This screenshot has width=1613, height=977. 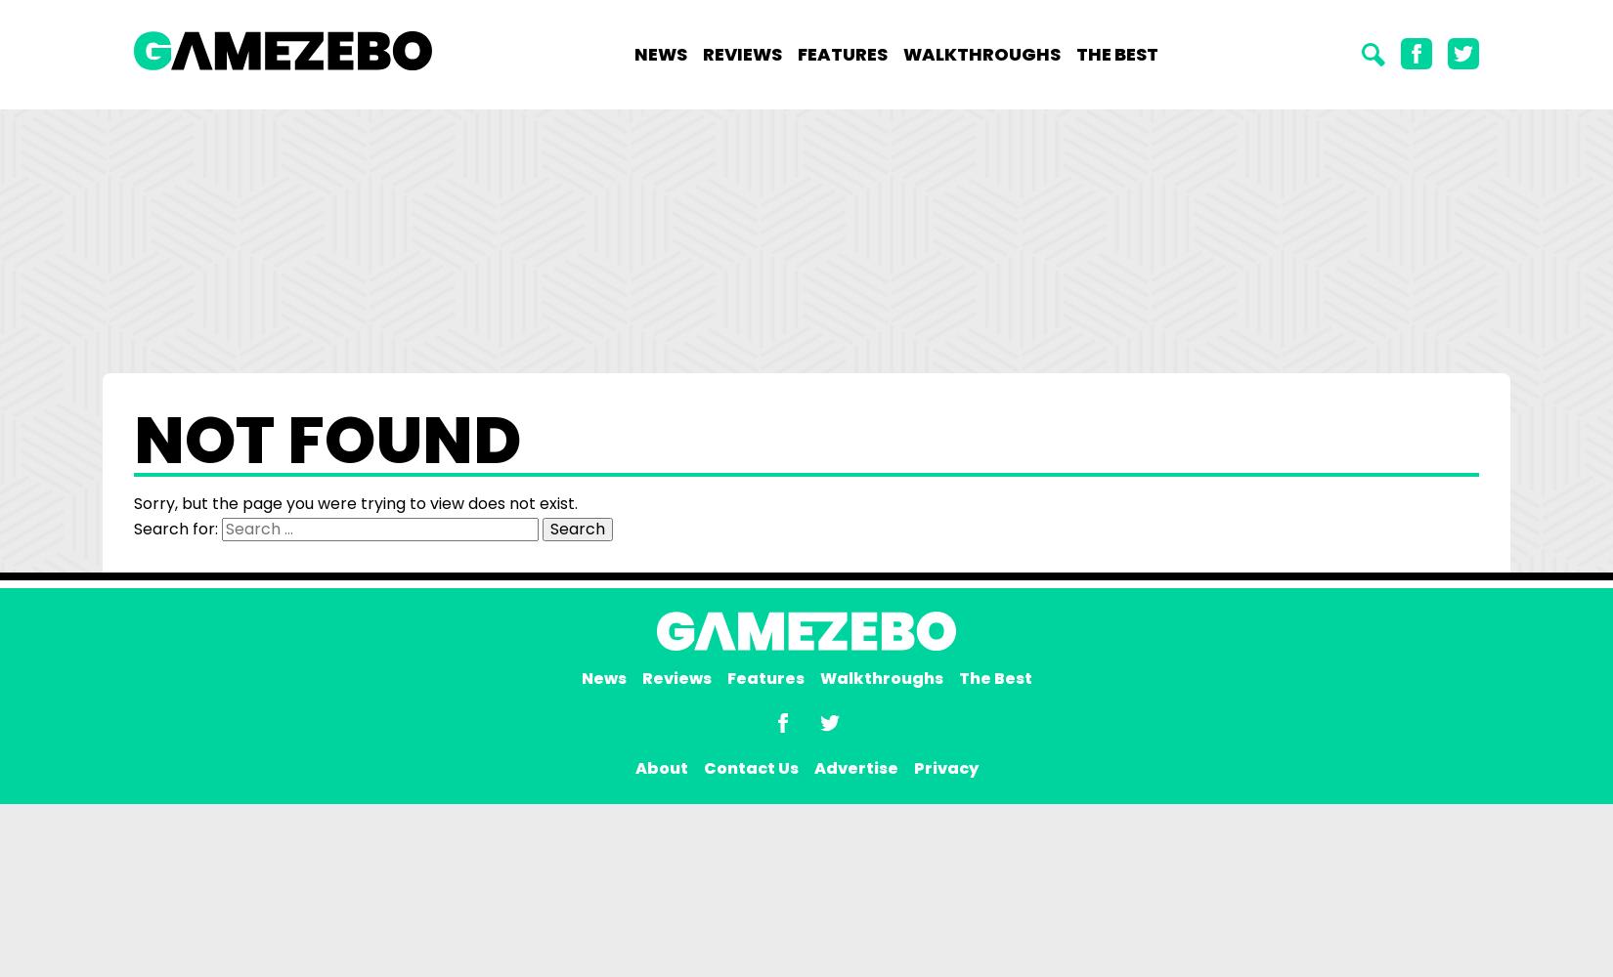 I want to click on 'Search for:', so click(x=176, y=528).